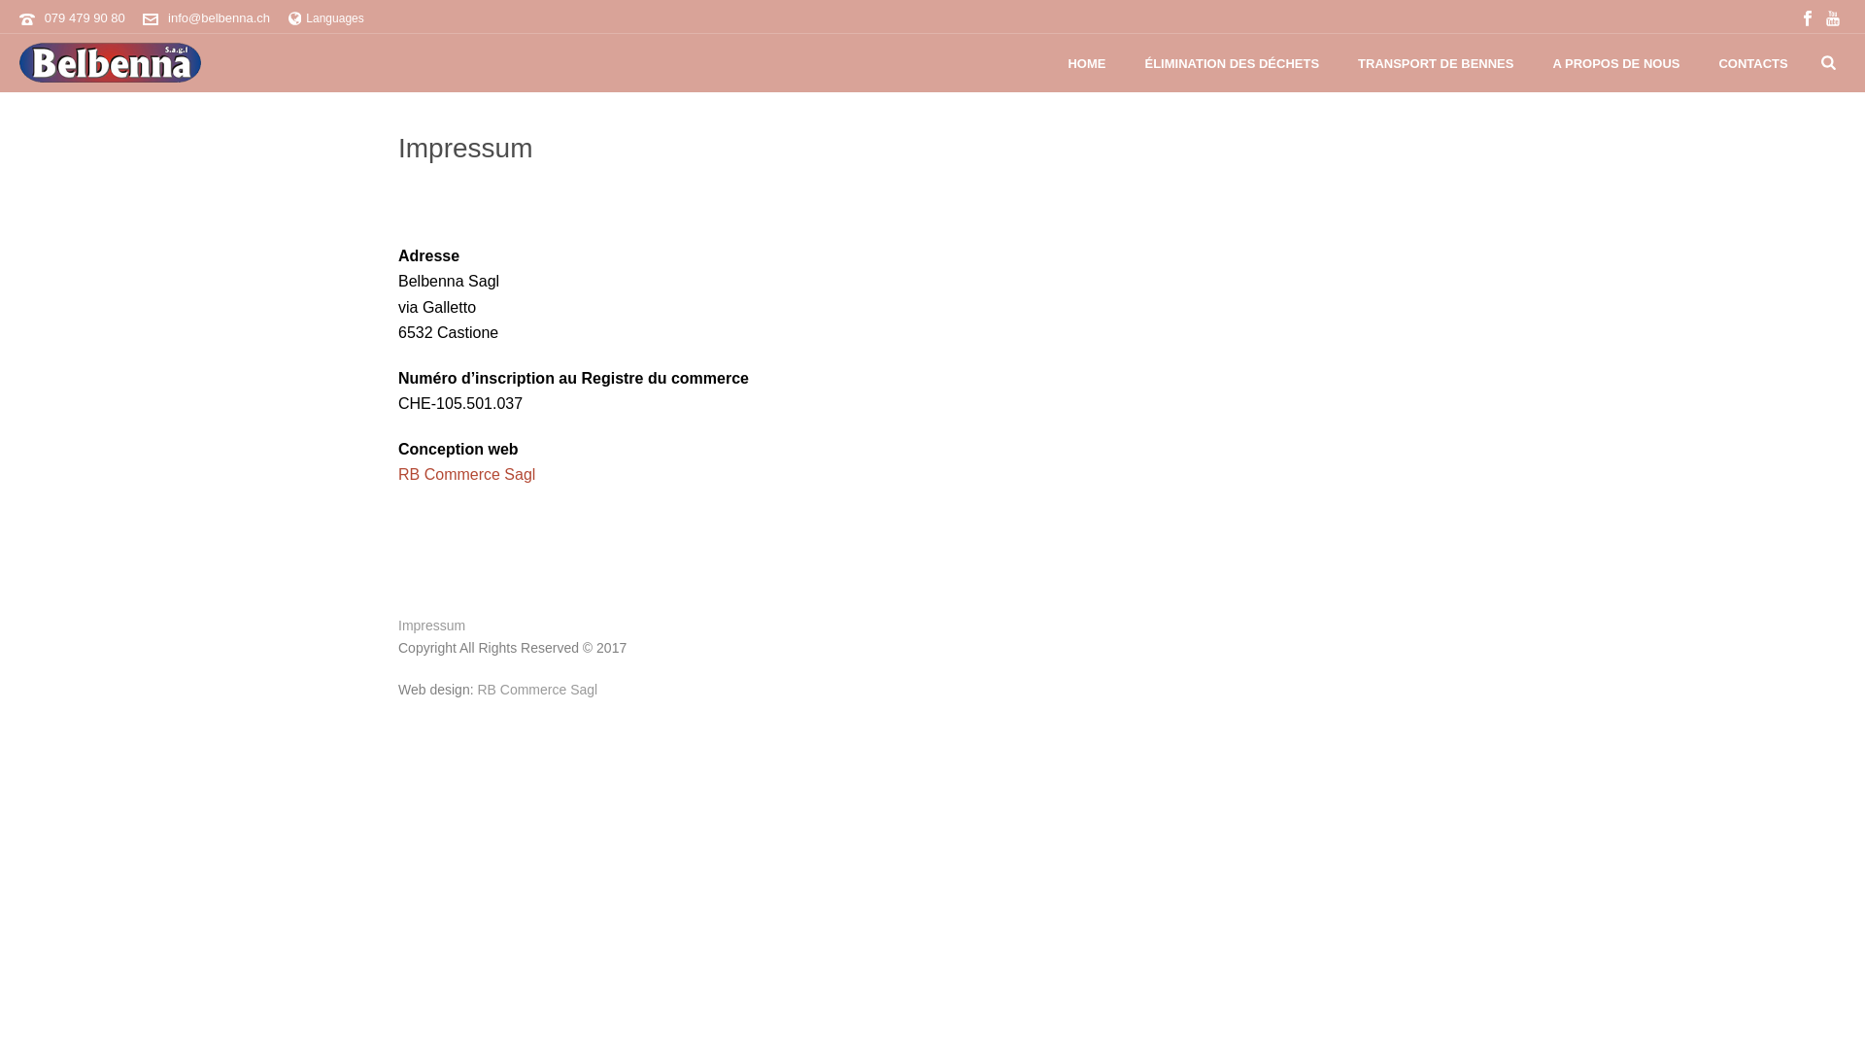  Describe the element at coordinates (84, 17) in the screenshot. I see `'079 479 90 80'` at that location.